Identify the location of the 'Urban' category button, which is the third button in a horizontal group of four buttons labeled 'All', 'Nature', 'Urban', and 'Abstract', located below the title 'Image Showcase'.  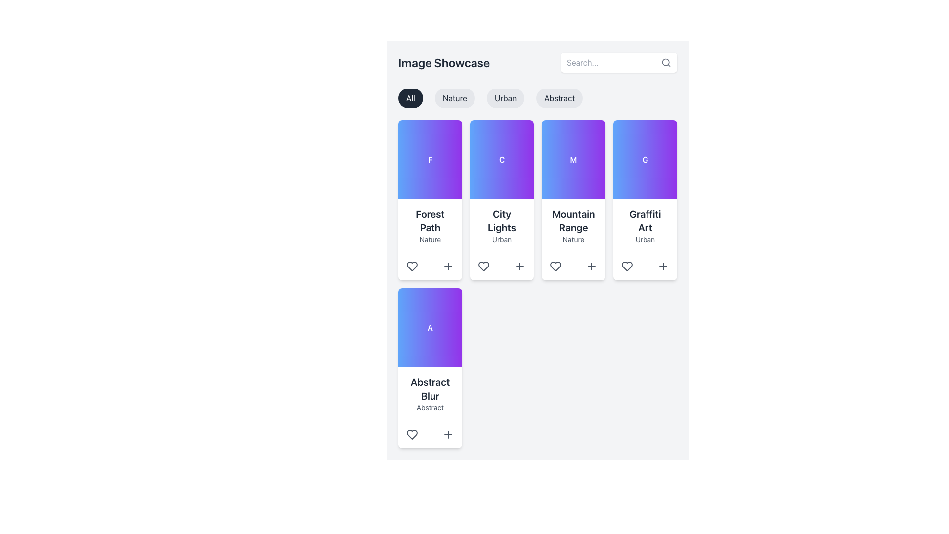
(506, 98).